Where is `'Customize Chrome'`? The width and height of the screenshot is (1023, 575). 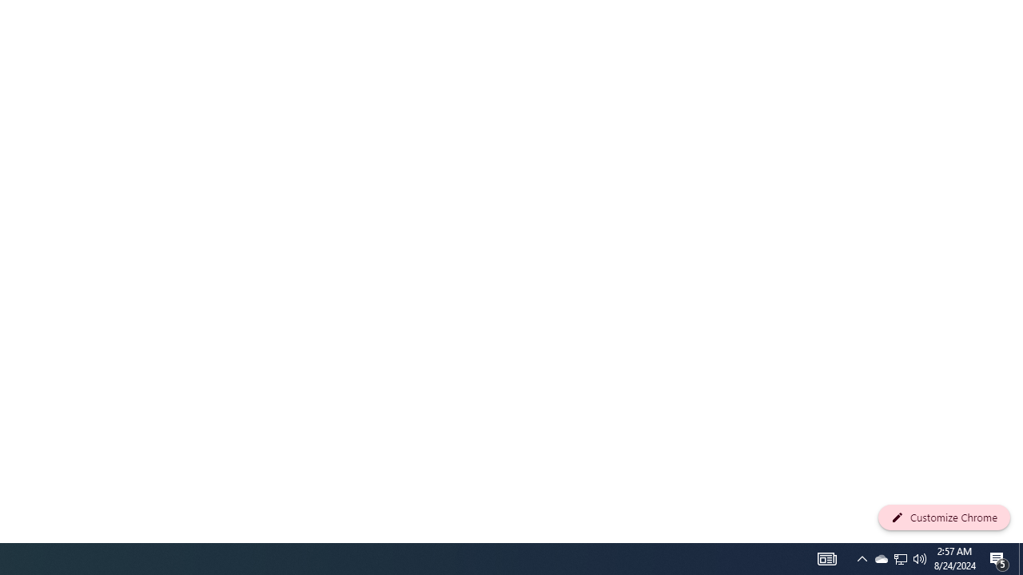
'Customize Chrome' is located at coordinates (944, 517).